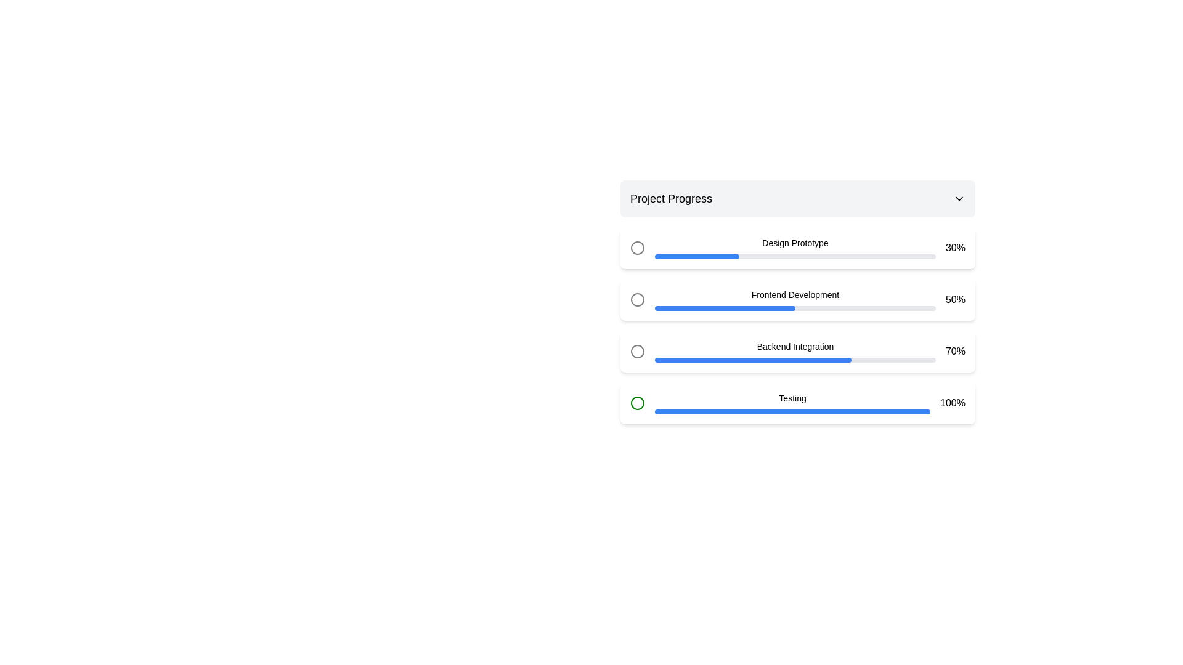  I want to click on the first progress tracker list item labeled 'Design Prototype' with 30% completion in the 'Project Progress' section, so click(798, 248).